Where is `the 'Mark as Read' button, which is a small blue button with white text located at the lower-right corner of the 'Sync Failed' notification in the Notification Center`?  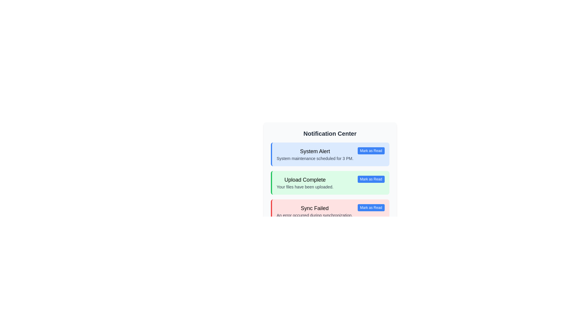
the 'Mark as Read' button, which is a small blue button with white text located at the lower-right corner of the 'Sync Failed' notification in the Notification Center is located at coordinates (371, 207).